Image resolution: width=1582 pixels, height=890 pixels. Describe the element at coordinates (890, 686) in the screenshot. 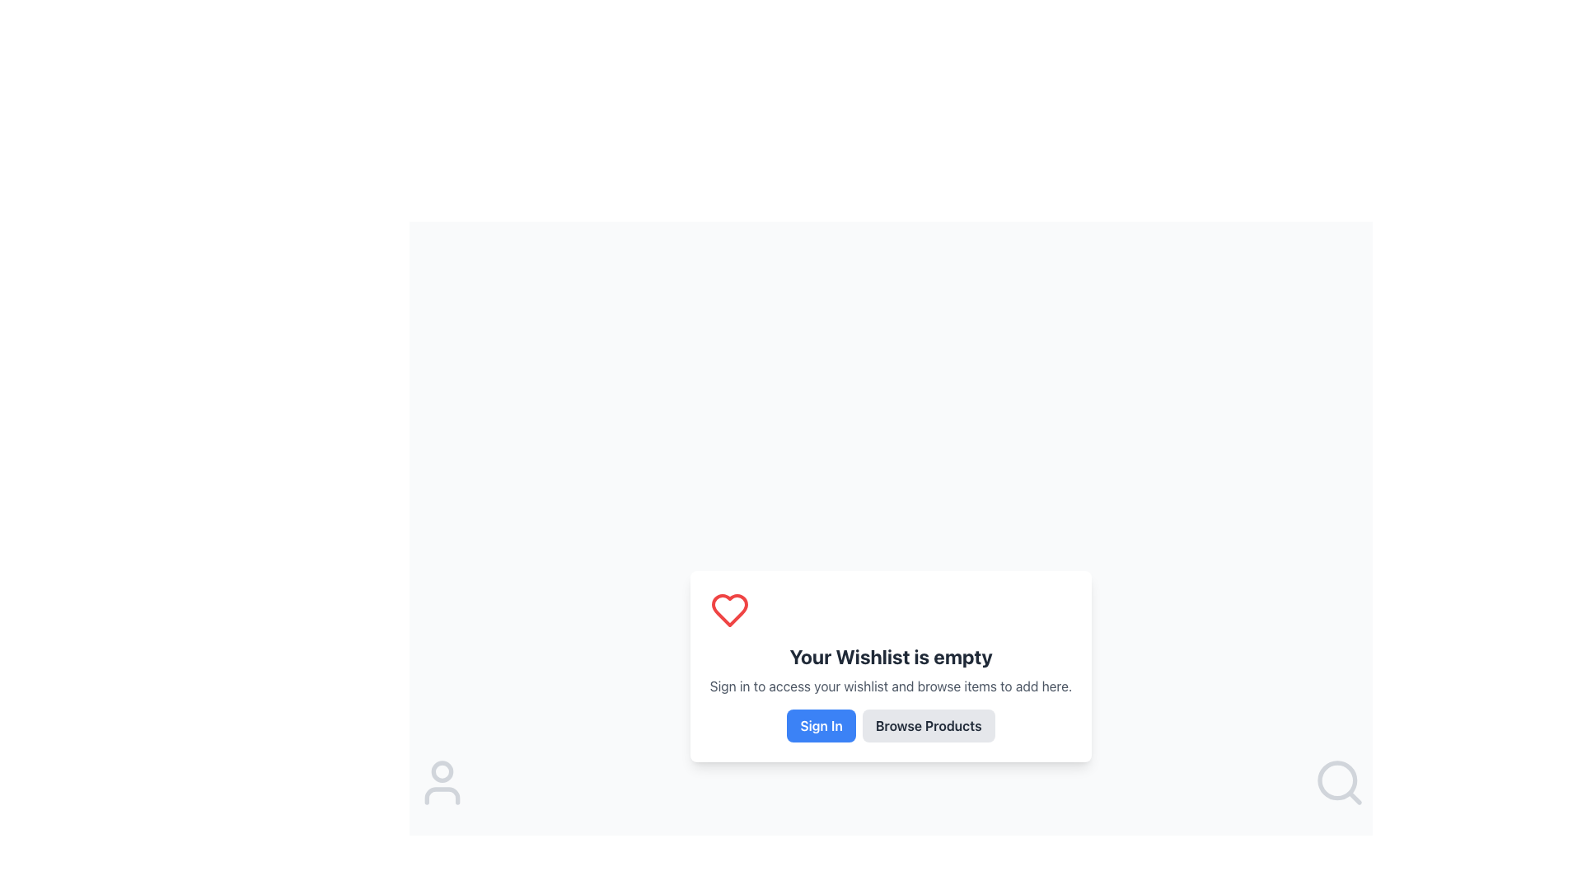

I see `the text paragraph styled in gray color located immediately below the bold text 'Your Wishlist is empty'` at that location.